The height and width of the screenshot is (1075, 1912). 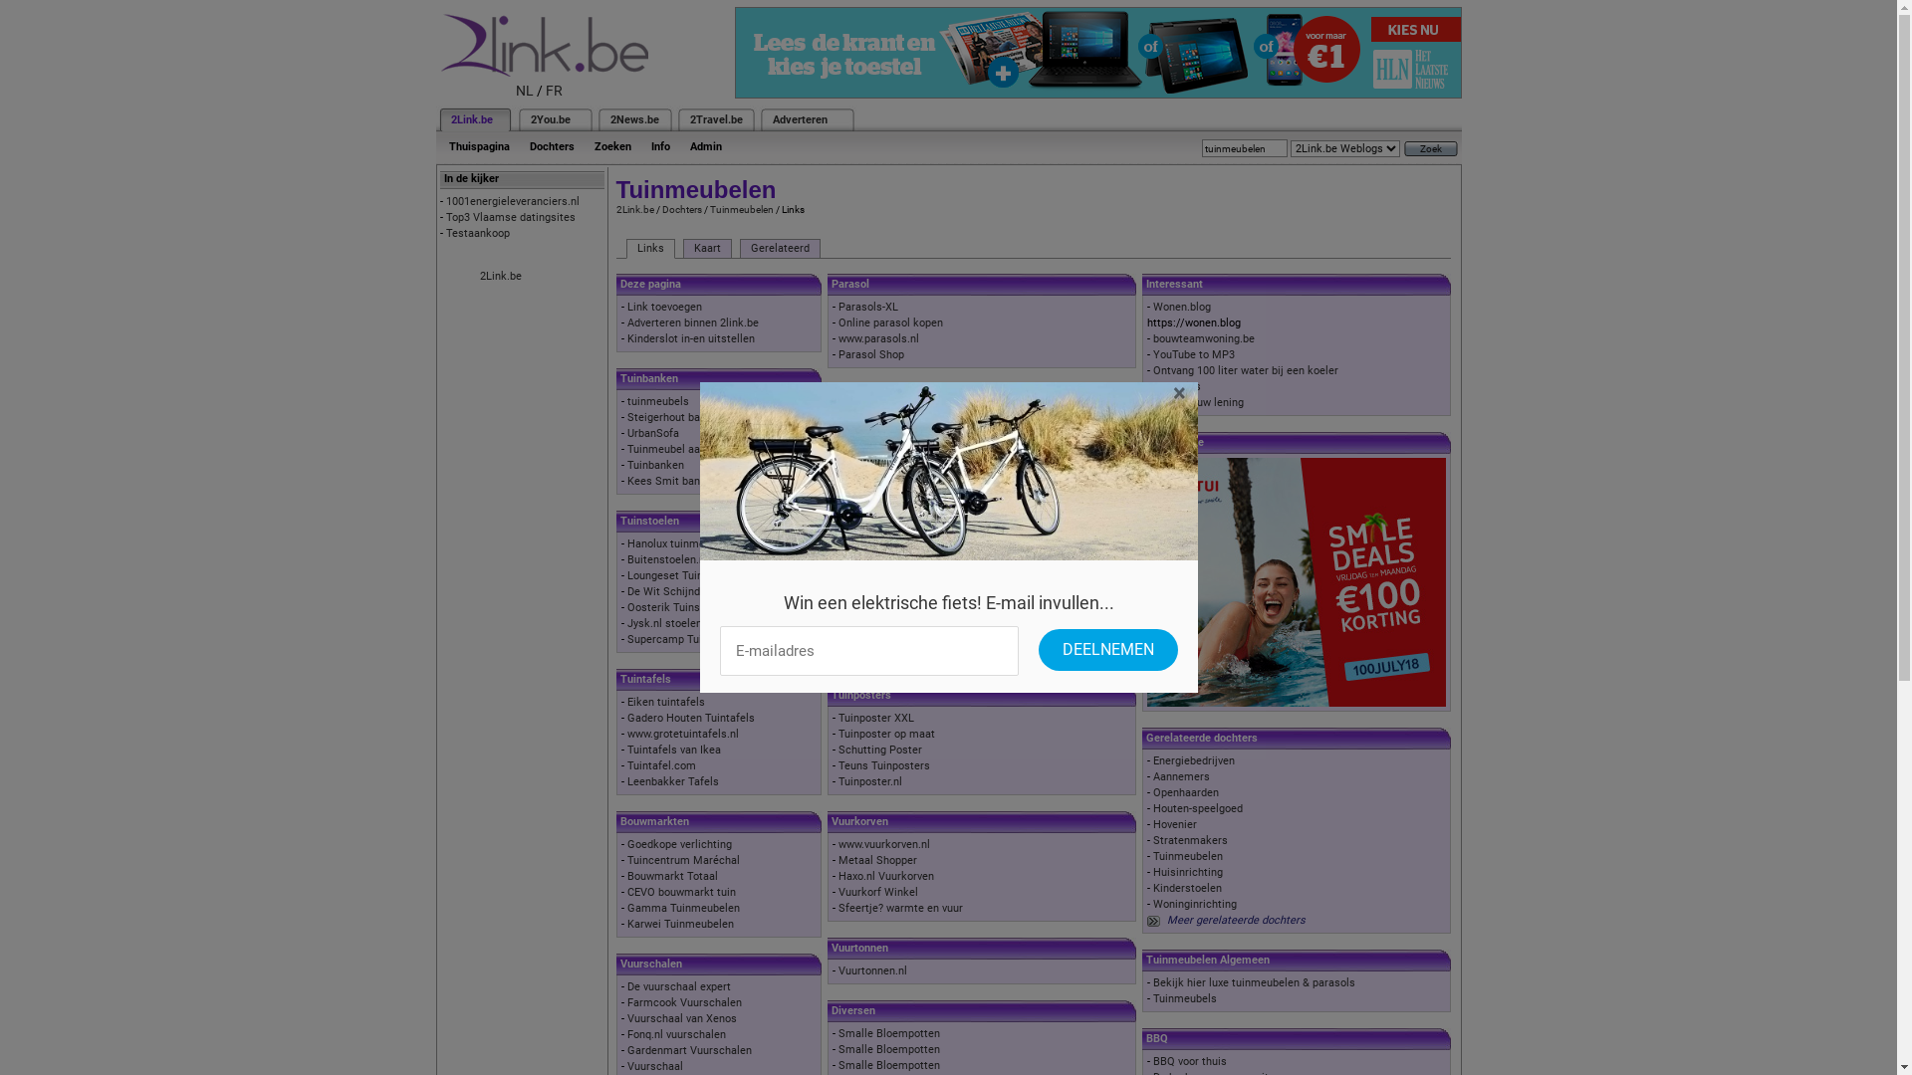 What do you see at coordinates (691, 718) in the screenshot?
I see `'Gadero Houten Tuintafels'` at bounding box center [691, 718].